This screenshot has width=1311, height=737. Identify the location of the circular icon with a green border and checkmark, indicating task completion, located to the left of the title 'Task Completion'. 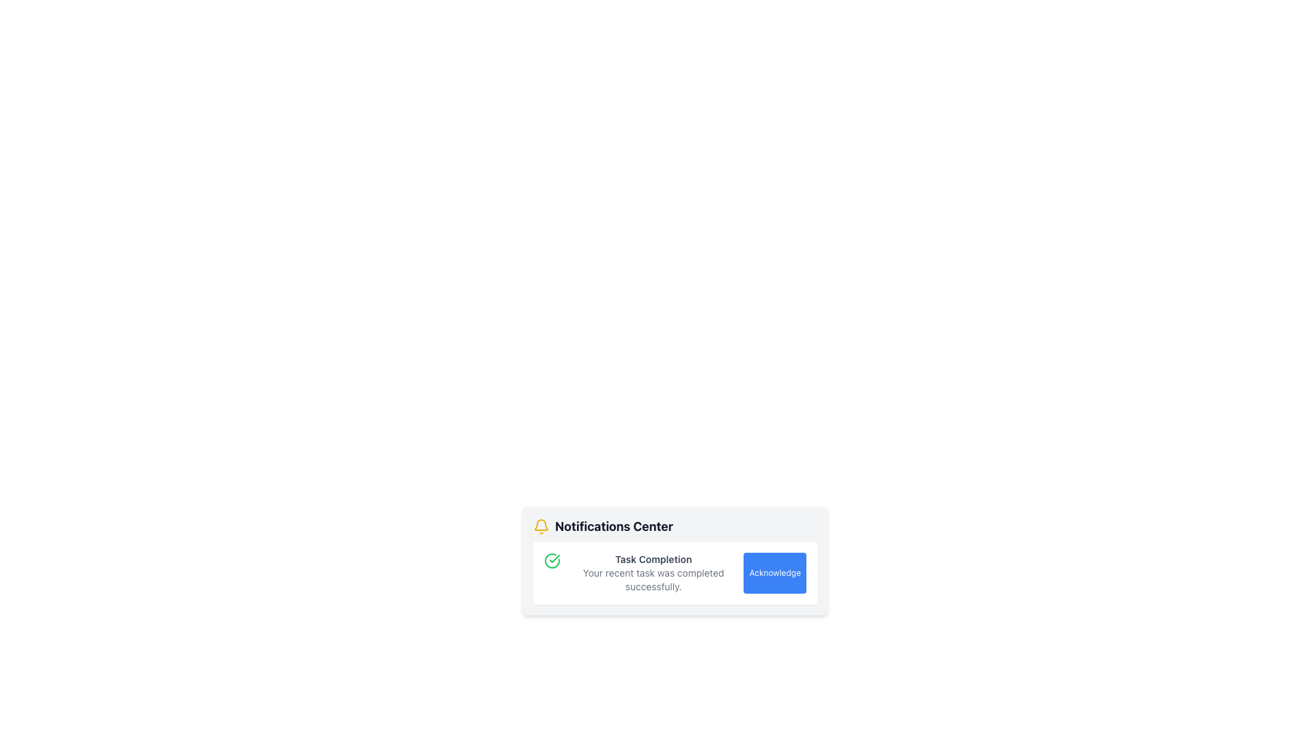
(552, 560).